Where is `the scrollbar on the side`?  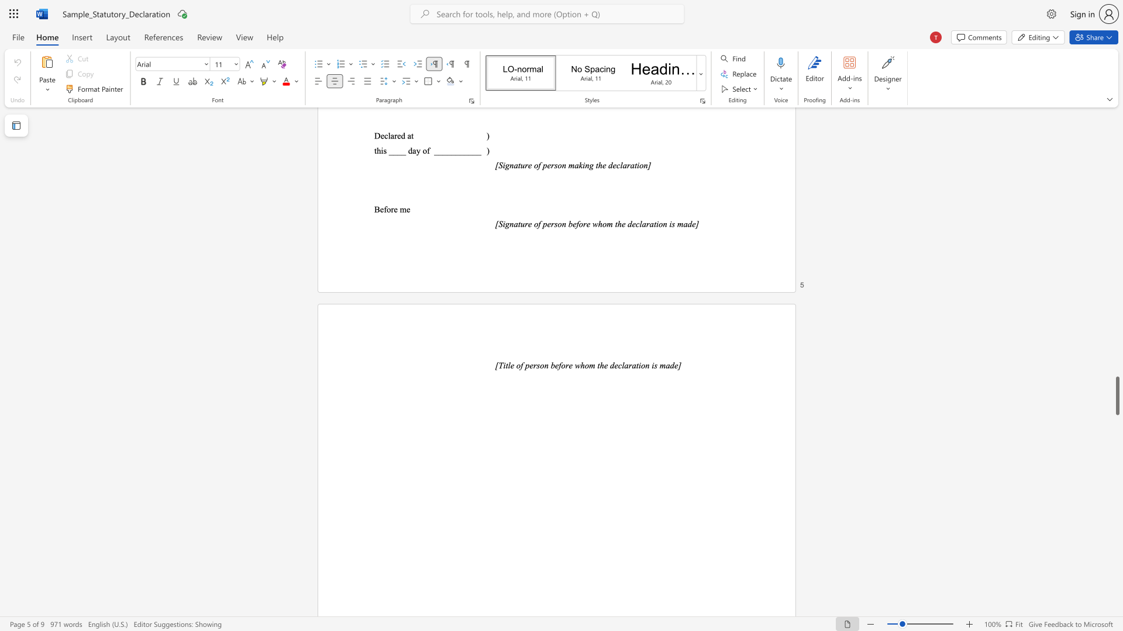 the scrollbar on the side is located at coordinates (1117, 175).